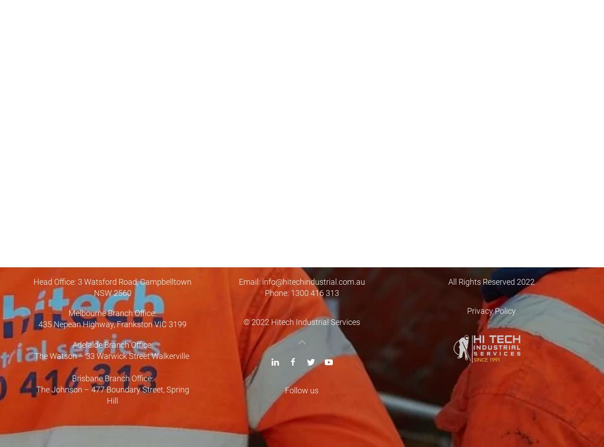 This screenshot has width=604, height=447. What do you see at coordinates (302, 321) in the screenshot?
I see `'© 2022 Hitech Industrial Services'` at bounding box center [302, 321].